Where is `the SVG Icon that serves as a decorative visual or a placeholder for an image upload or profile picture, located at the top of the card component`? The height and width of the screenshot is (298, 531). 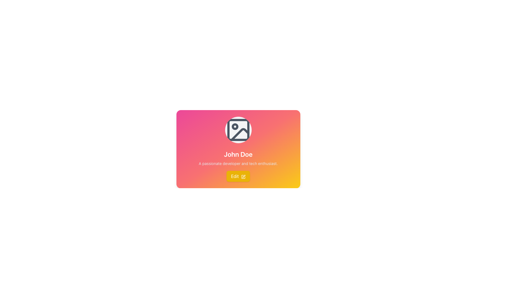
the SVG Icon that serves as a decorative visual or a placeholder for an image upload or profile picture, located at the top of the card component is located at coordinates (238, 130).